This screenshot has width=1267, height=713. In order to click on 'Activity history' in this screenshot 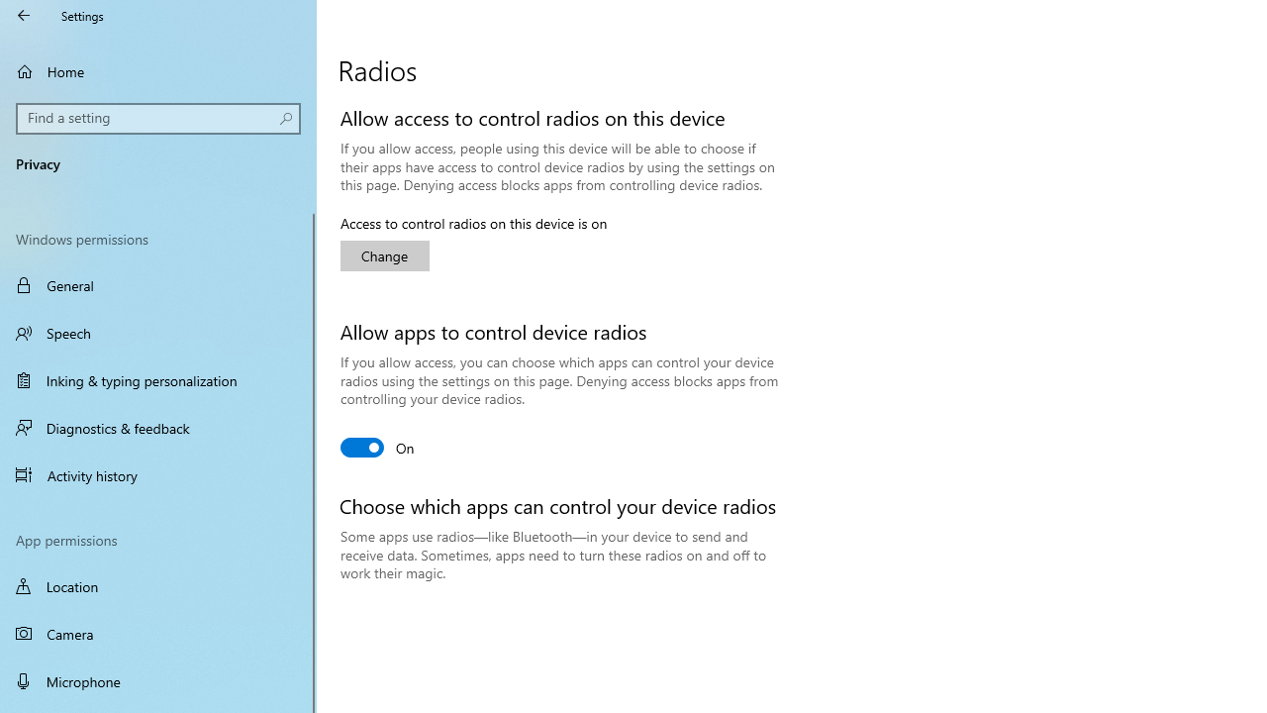, I will do `click(158, 474)`.